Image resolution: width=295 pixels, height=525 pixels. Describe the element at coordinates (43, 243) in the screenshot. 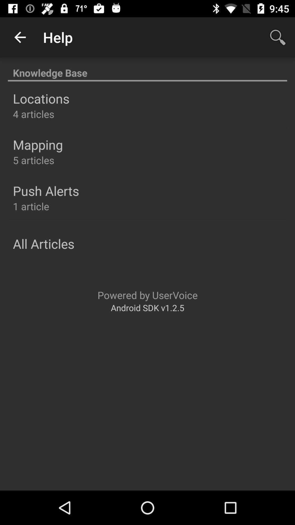

I see `the all articles` at that location.